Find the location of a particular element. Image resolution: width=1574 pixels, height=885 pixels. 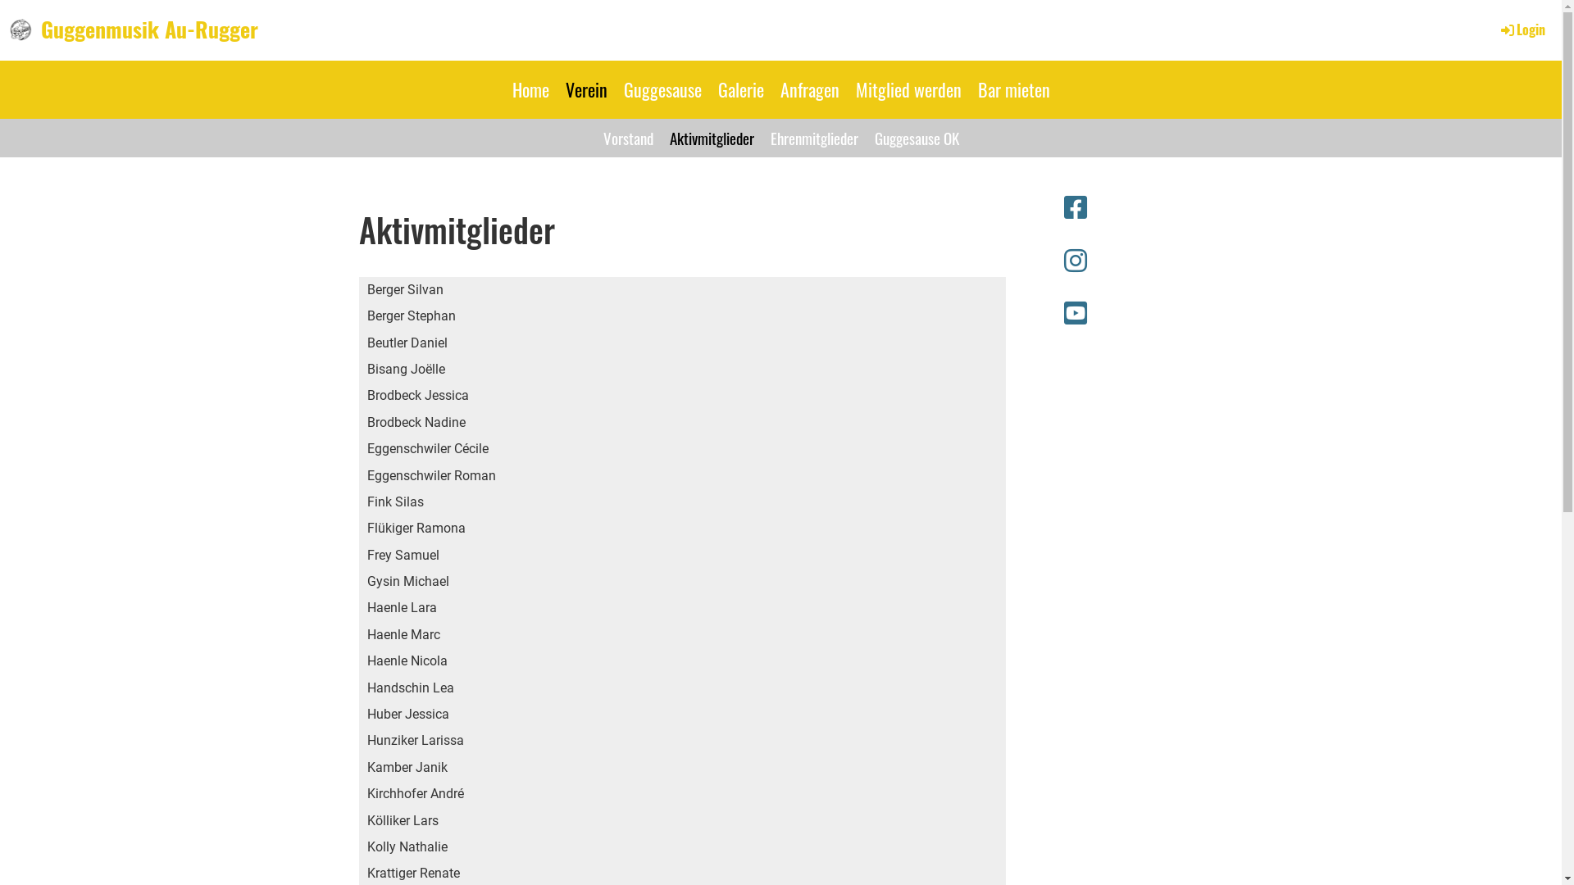

'Brodbeck Nadine' is located at coordinates (357, 422).